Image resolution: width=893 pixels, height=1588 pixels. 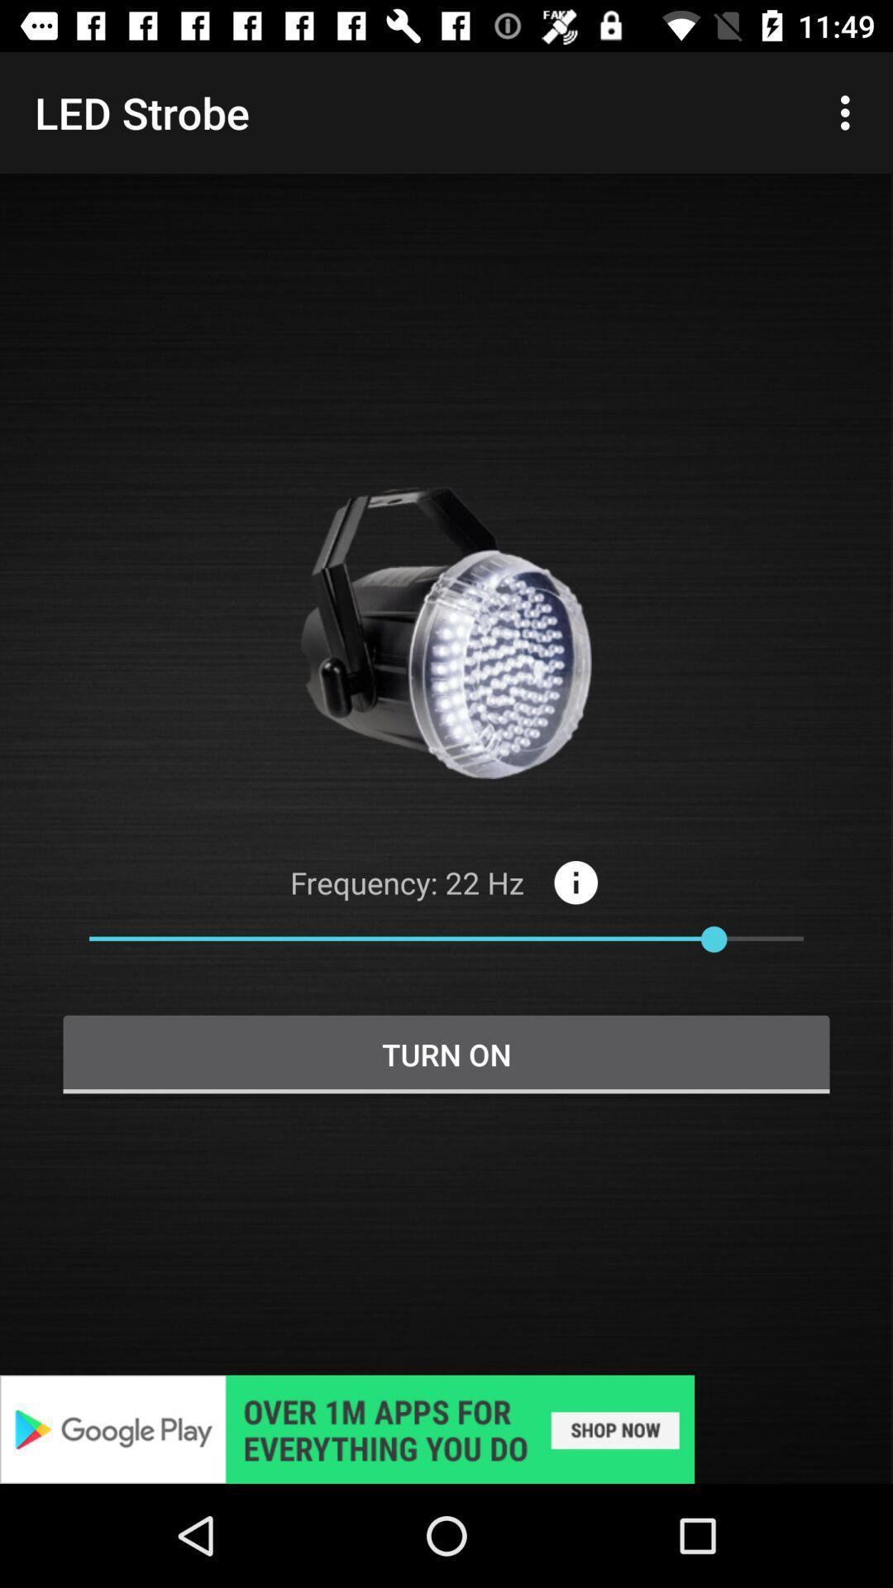 I want to click on information, so click(x=575, y=882).